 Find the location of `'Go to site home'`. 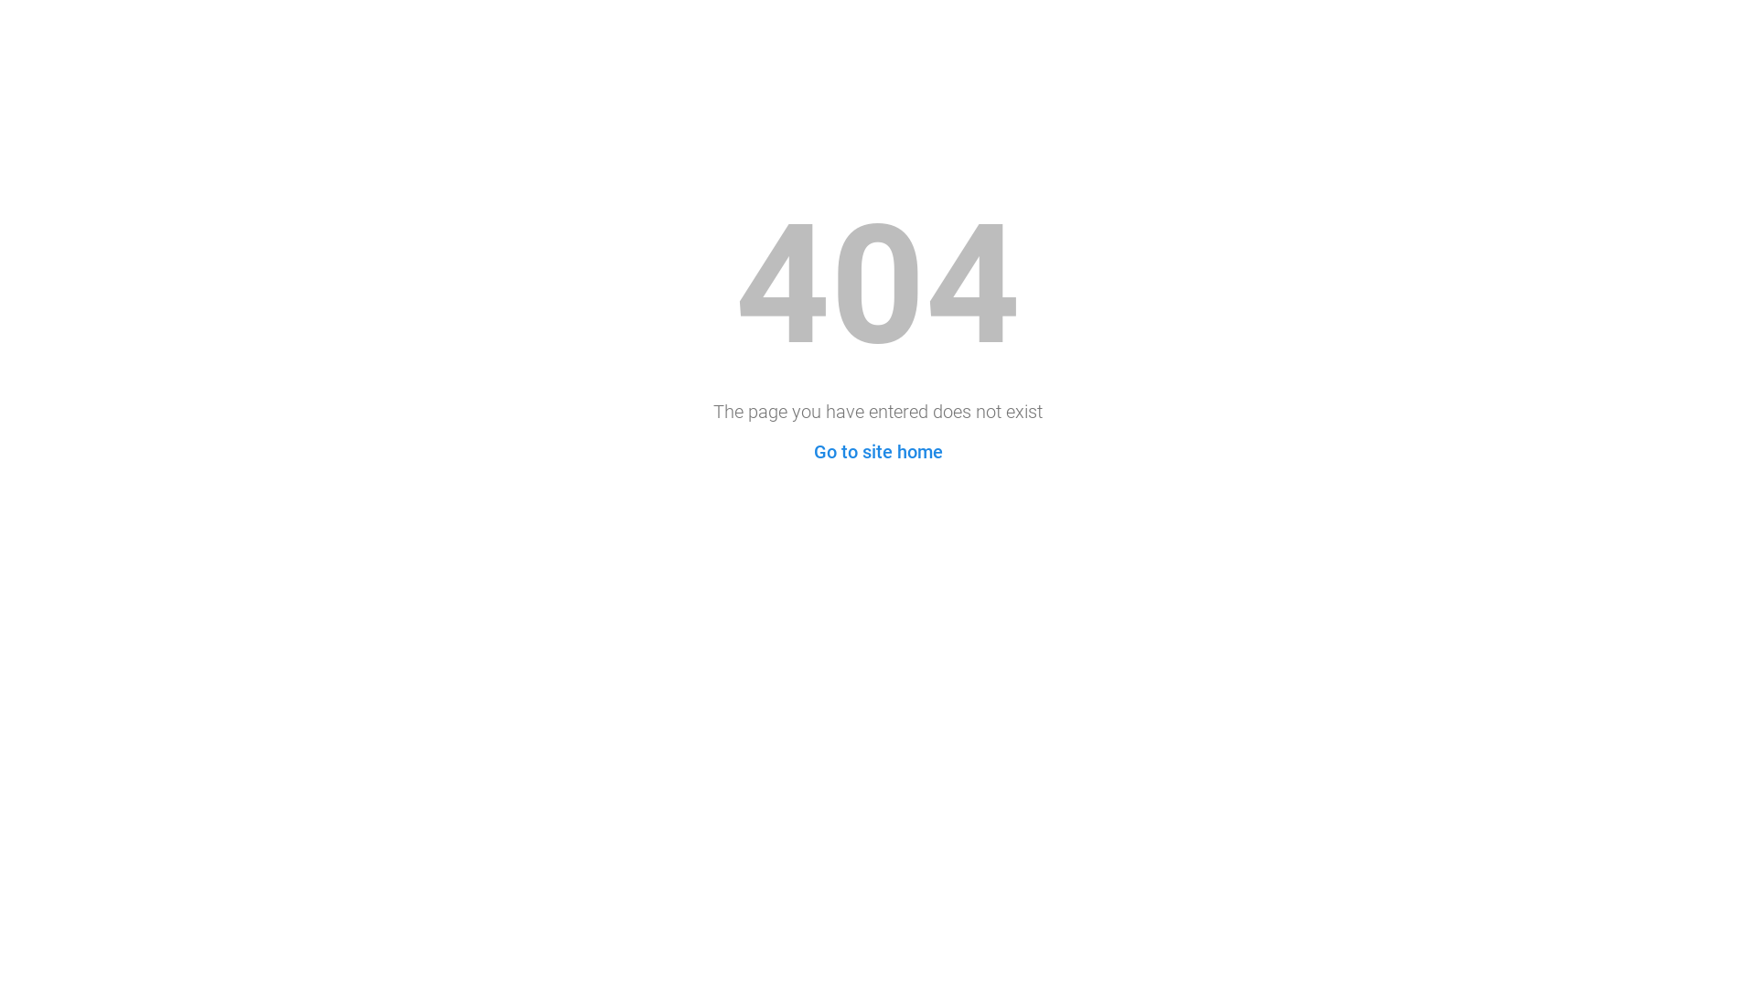

'Go to site home' is located at coordinates (878, 451).